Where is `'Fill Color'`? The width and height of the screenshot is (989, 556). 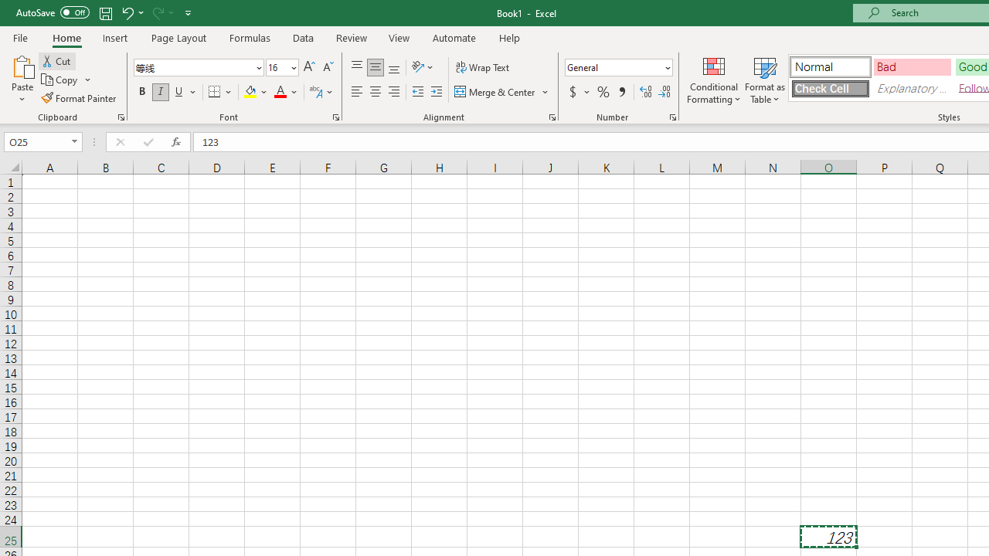
'Fill Color' is located at coordinates (256, 92).